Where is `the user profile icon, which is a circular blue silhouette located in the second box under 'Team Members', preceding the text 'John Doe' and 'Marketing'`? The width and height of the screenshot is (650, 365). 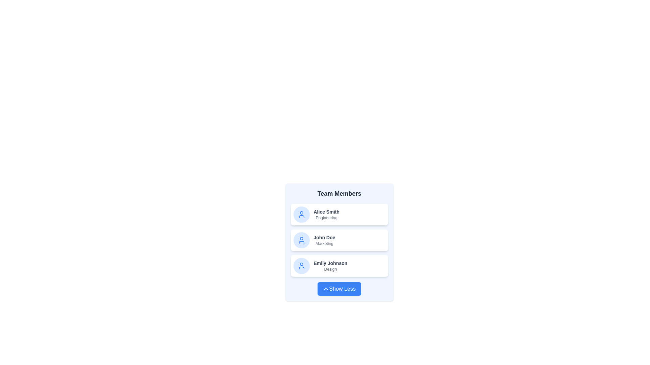 the user profile icon, which is a circular blue silhouette located in the second box under 'Team Members', preceding the text 'John Doe' and 'Marketing' is located at coordinates (301, 240).